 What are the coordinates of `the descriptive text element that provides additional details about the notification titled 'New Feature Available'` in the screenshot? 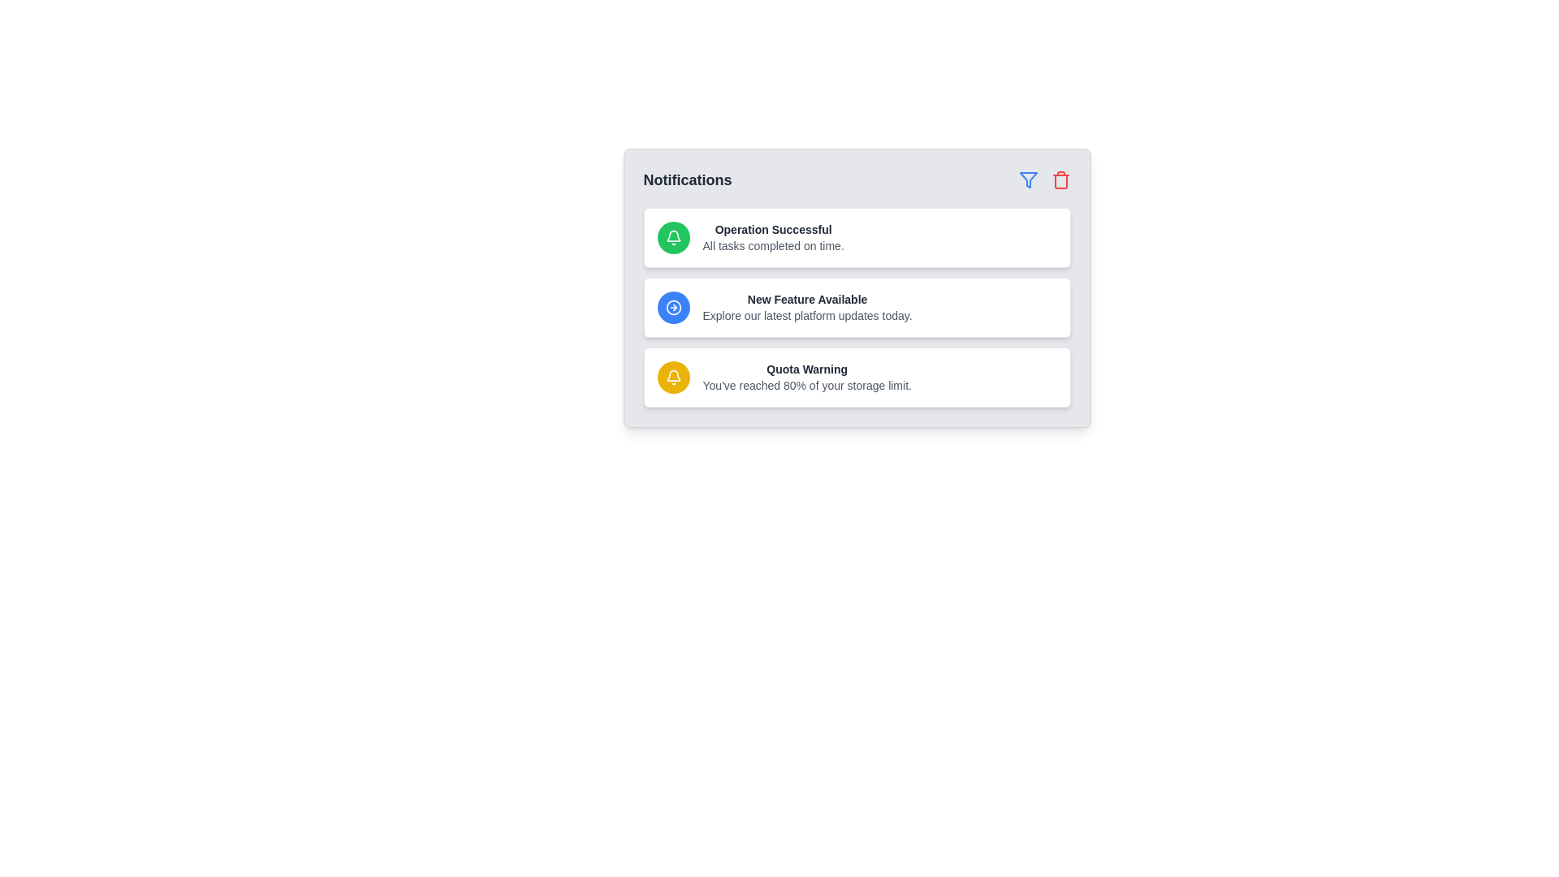 It's located at (807, 316).